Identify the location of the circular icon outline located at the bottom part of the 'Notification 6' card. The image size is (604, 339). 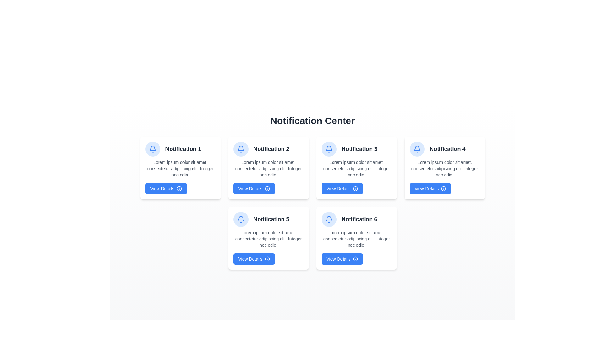
(355, 259).